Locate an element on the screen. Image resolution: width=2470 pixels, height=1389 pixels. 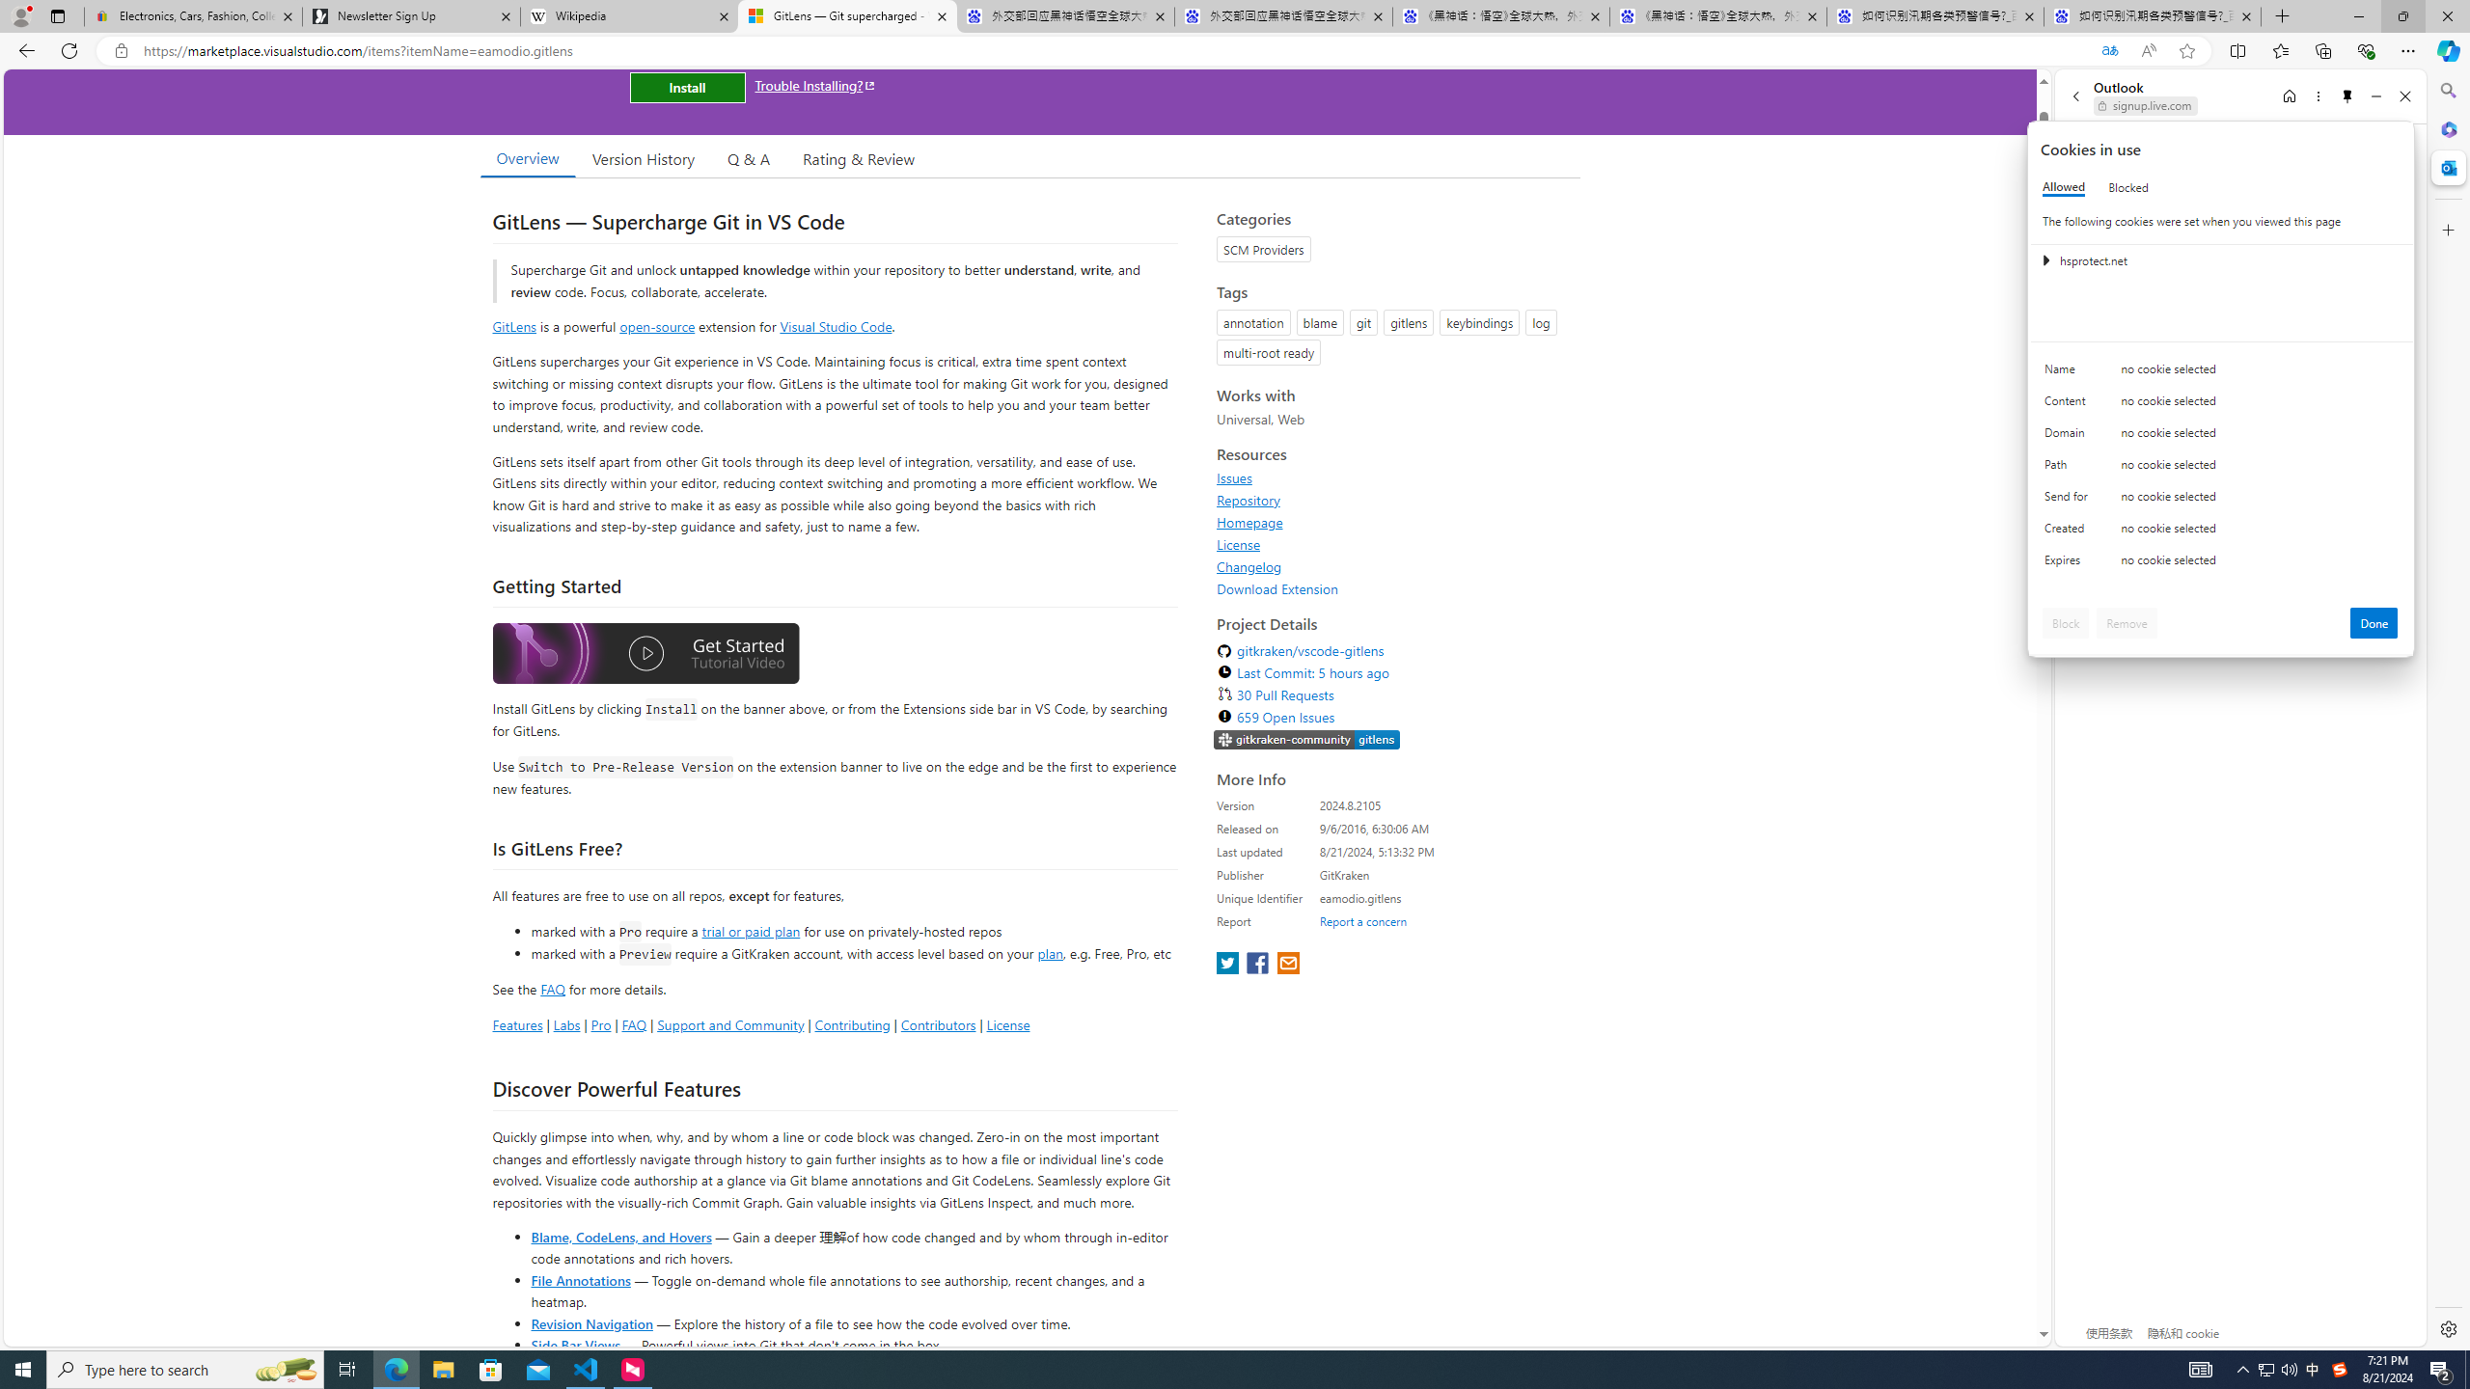
'Allowed' is located at coordinates (2062, 187).